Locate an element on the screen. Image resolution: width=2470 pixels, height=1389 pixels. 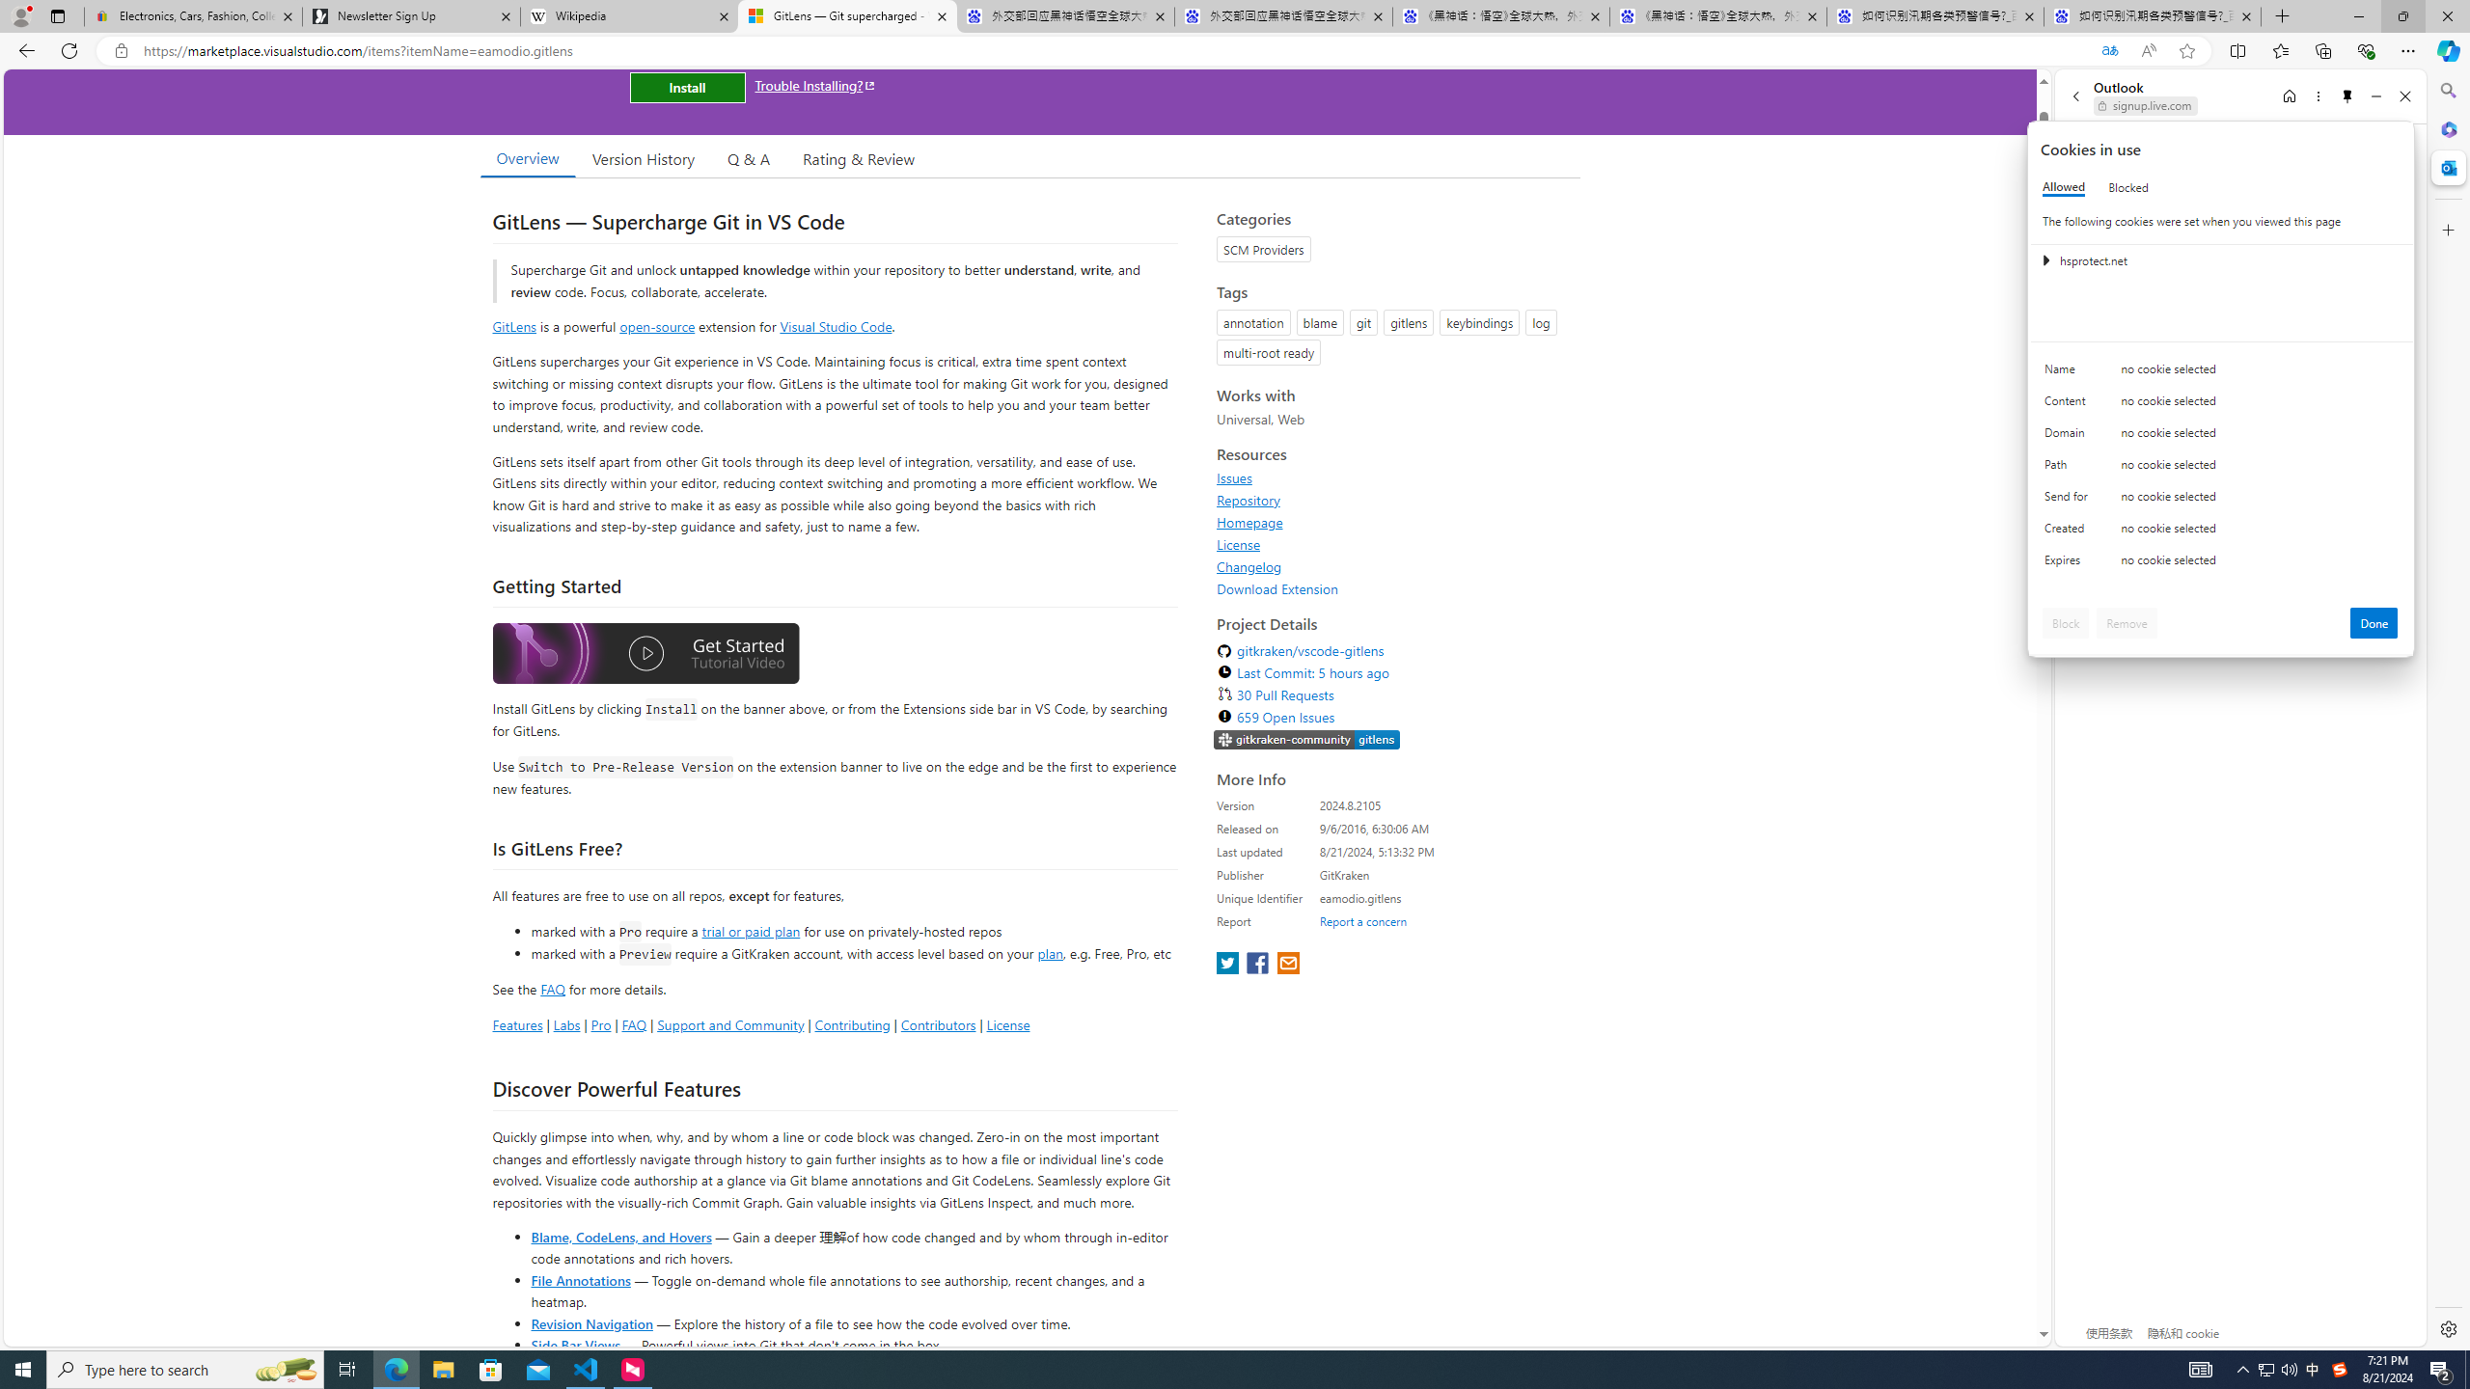
'Allowed' is located at coordinates (2062, 187).